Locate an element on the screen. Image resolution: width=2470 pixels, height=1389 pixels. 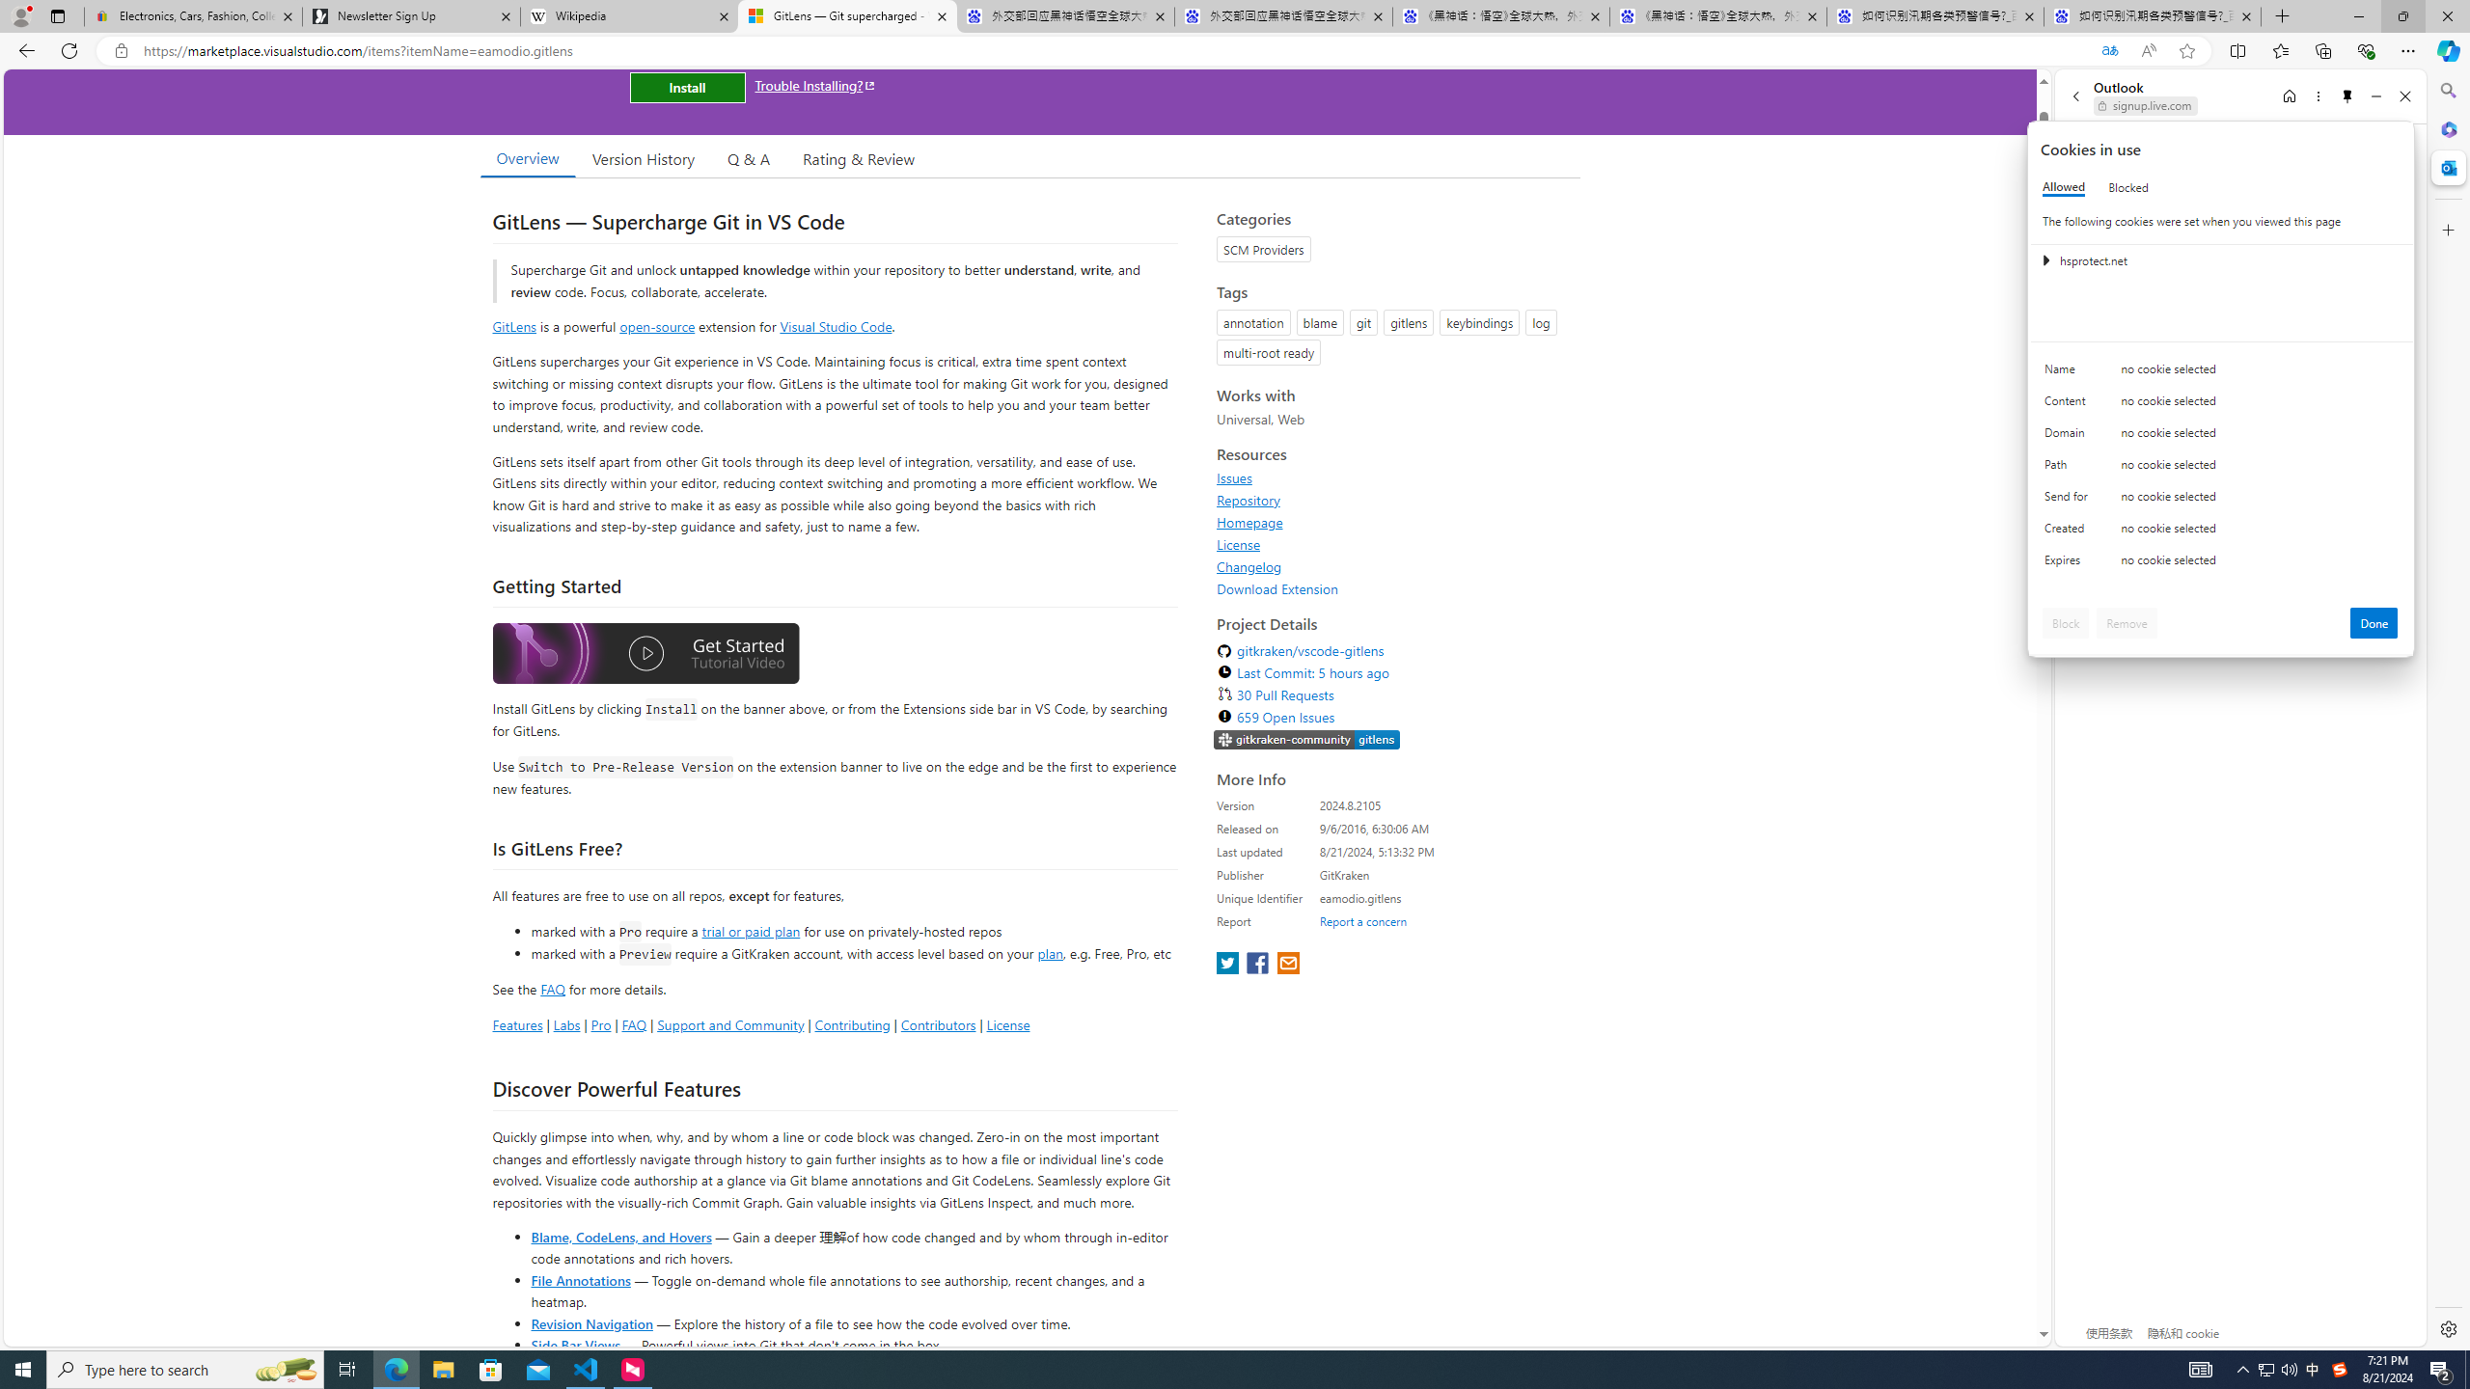
'Allowed' is located at coordinates (2062, 187).